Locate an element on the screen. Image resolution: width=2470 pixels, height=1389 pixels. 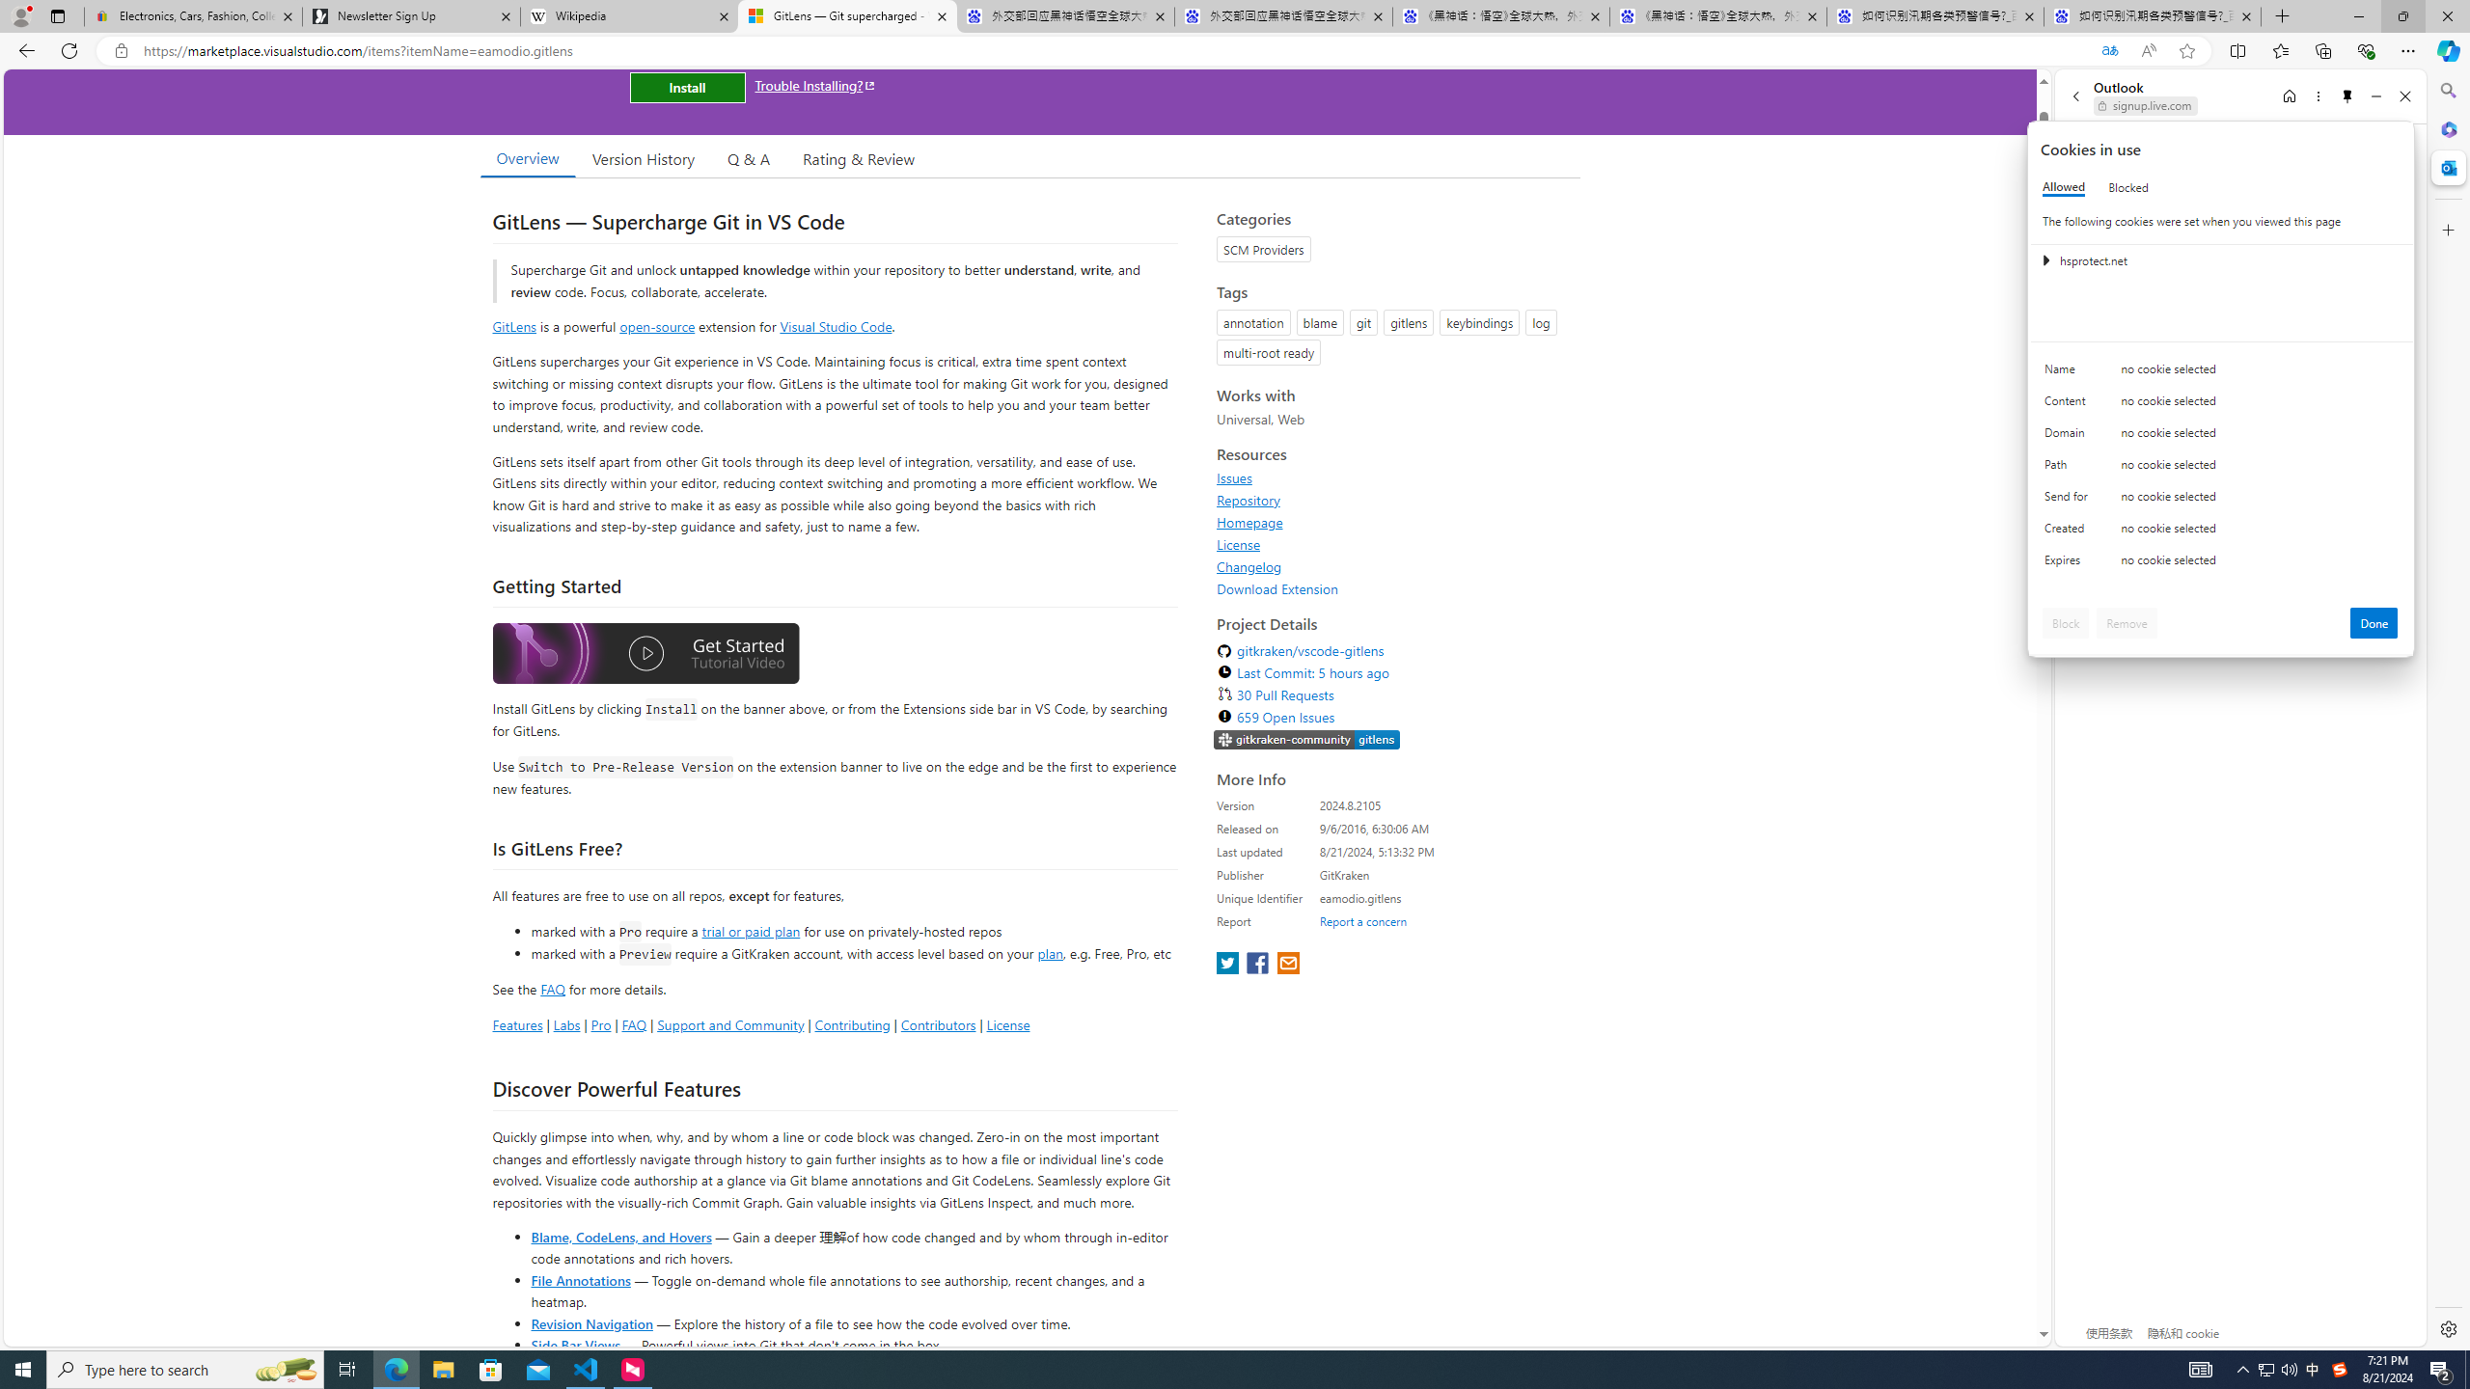
'Allowed' is located at coordinates (2062, 187).